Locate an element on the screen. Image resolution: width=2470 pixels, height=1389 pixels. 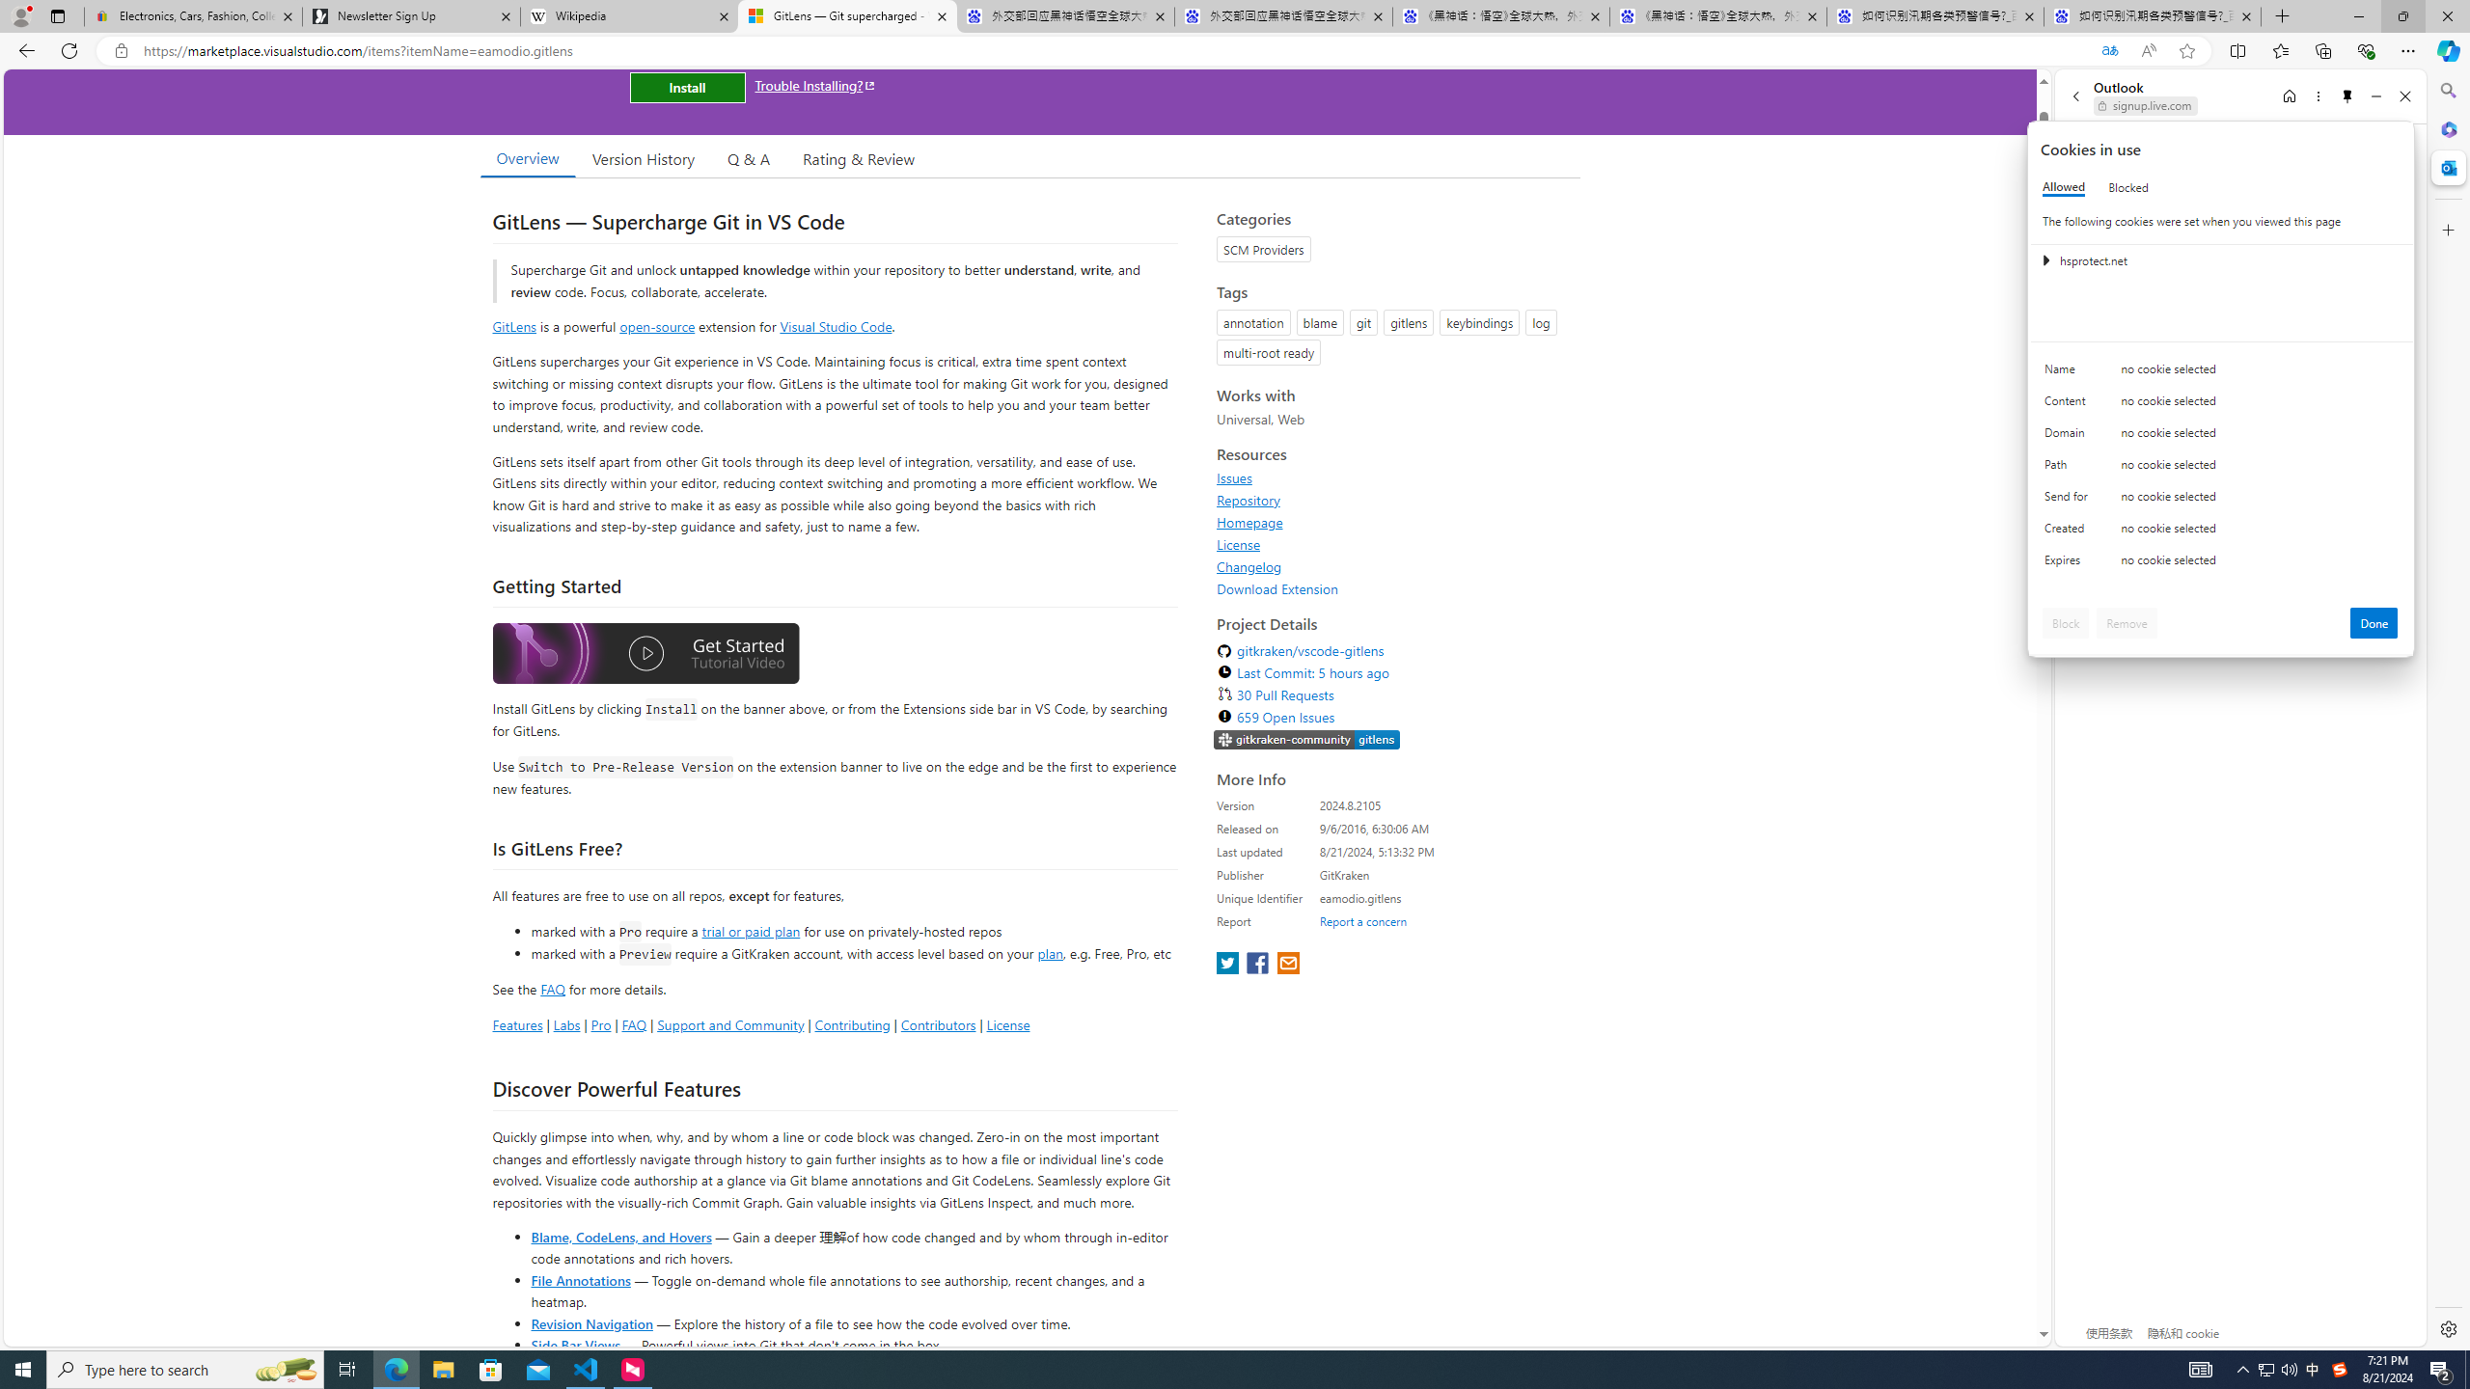
'Allowed' is located at coordinates (2062, 187).